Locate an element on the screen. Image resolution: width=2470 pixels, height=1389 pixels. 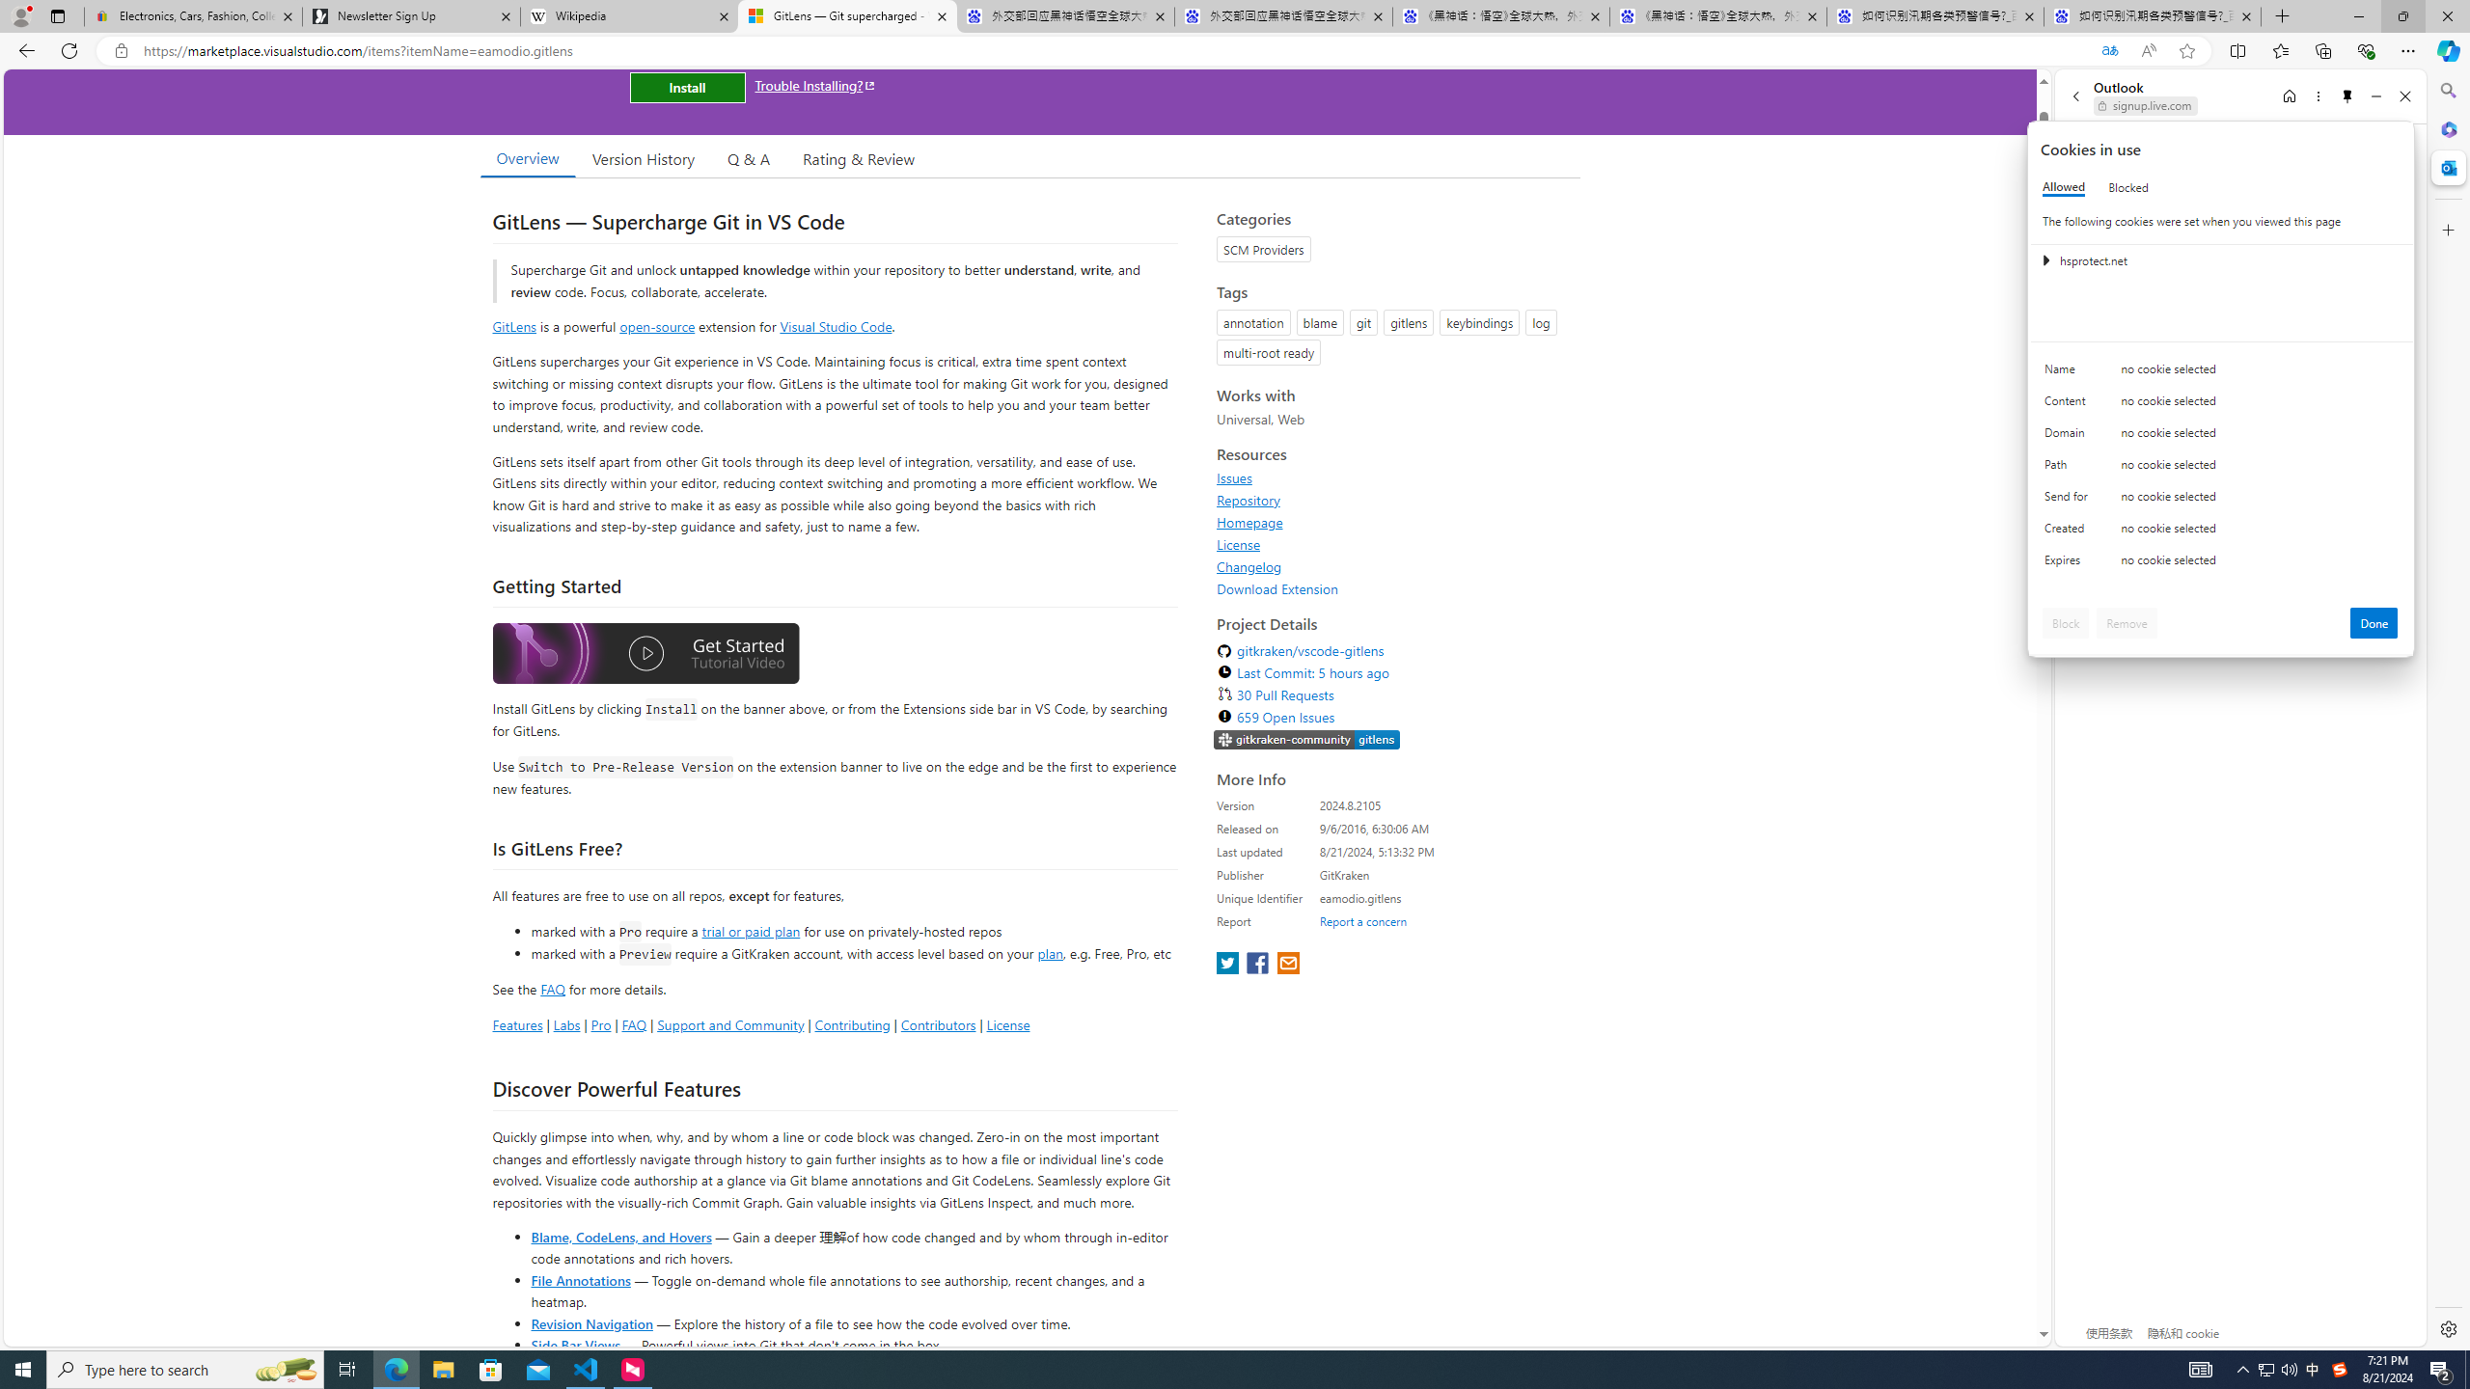
'Allowed' is located at coordinates (2062, 187).